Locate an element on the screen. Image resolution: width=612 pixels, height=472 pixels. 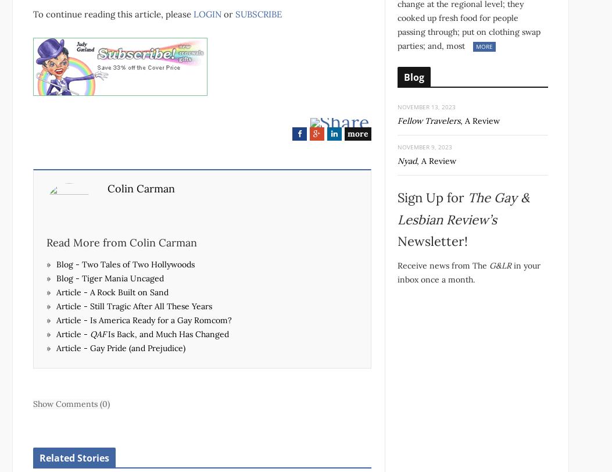
'Article - A Rock Built on Sand' is located at coordinates (112, 292).